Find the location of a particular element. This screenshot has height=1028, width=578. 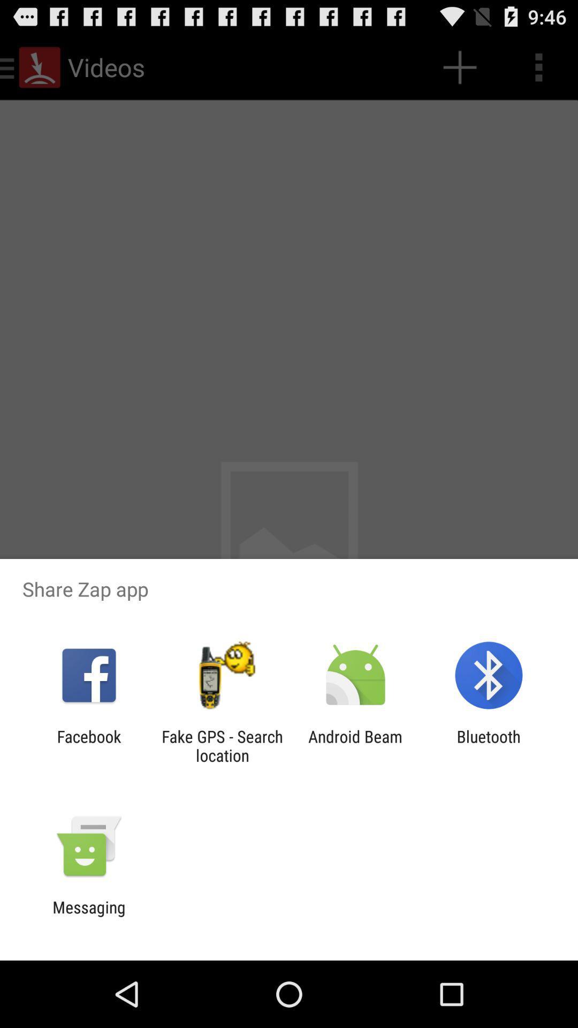

the item at the bottom right corner is located at coordinates (489, 745).